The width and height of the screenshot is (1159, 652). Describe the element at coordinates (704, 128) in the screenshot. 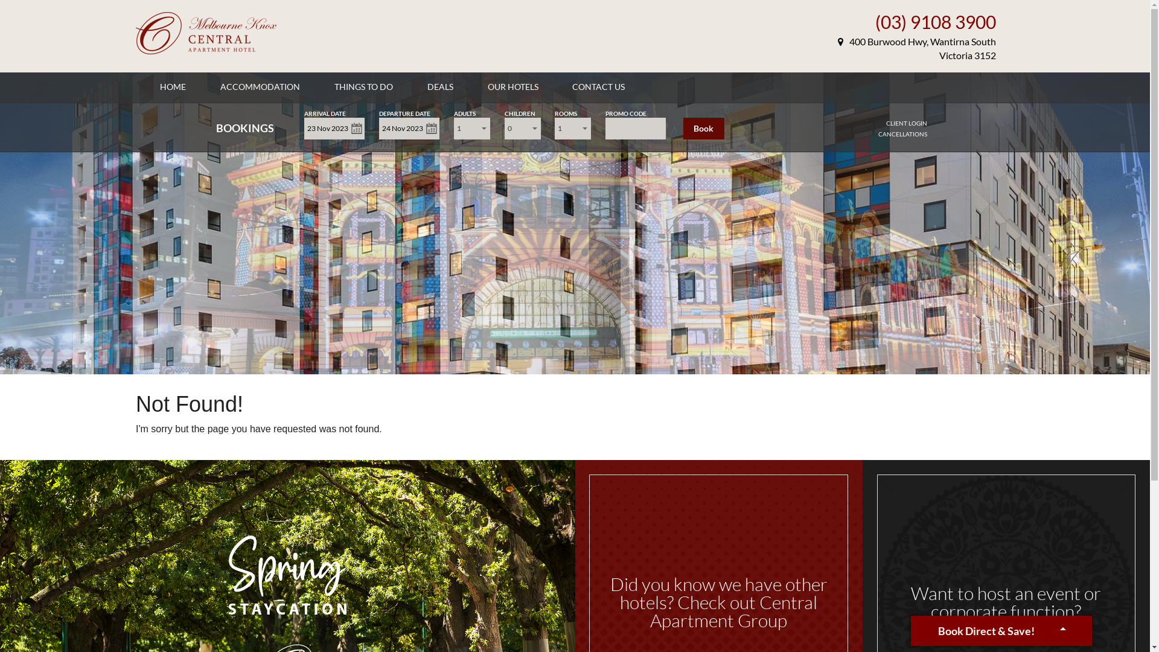

I see `'Book'` at that location.